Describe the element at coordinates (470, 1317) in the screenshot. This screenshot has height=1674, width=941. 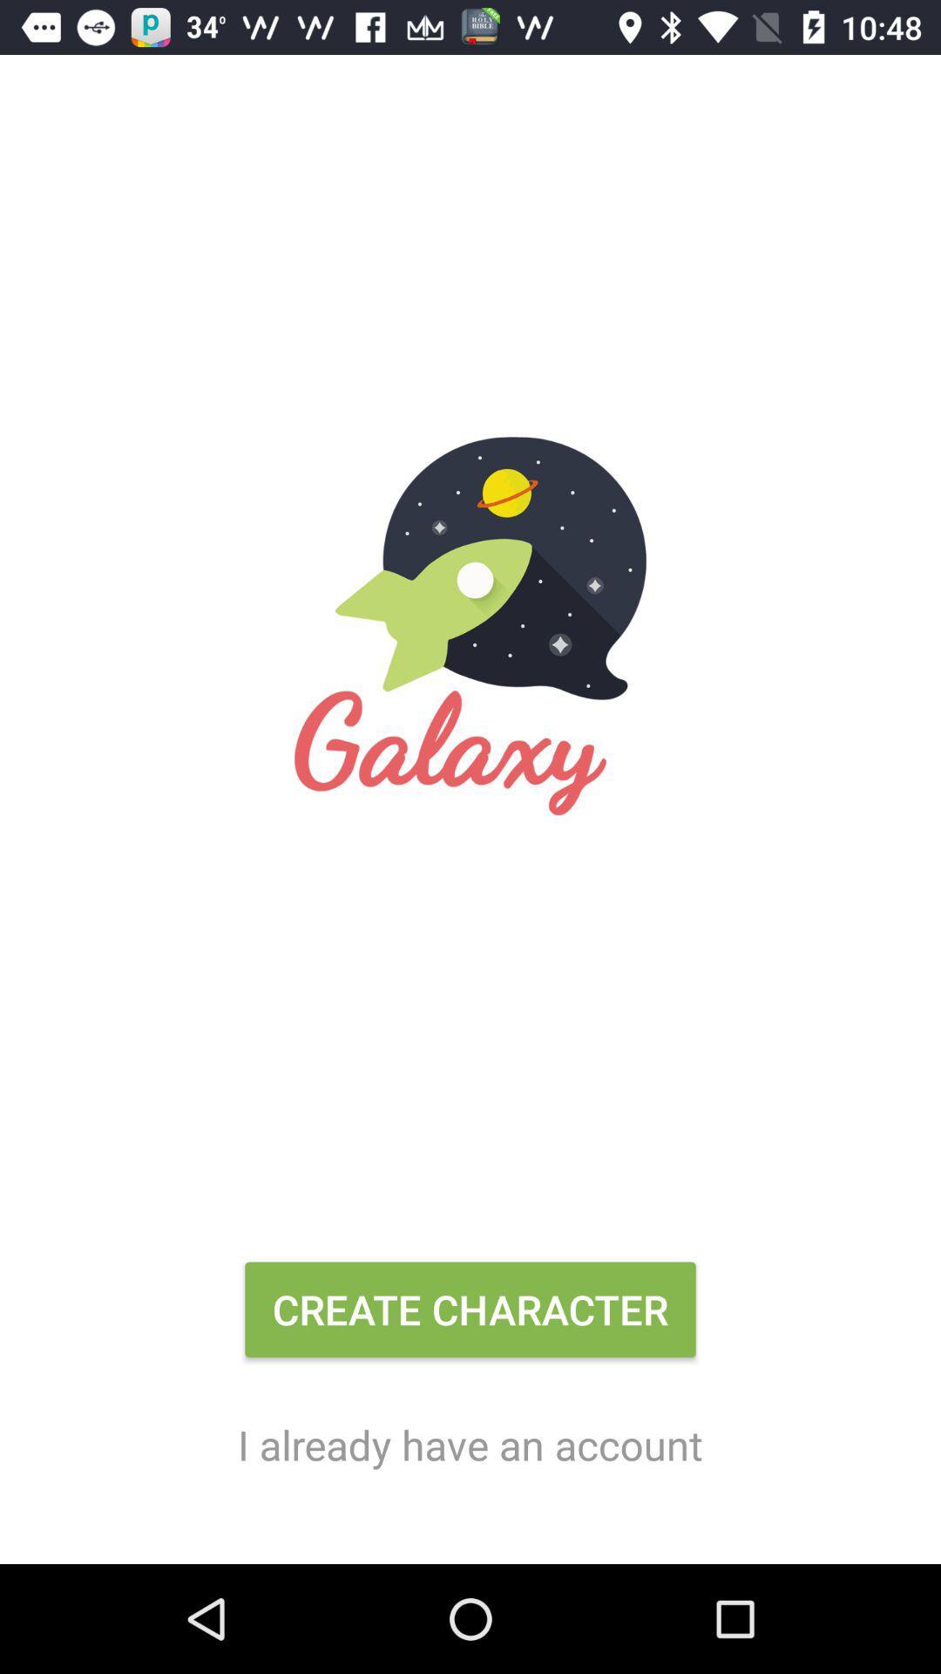
I see `create character` at that location.